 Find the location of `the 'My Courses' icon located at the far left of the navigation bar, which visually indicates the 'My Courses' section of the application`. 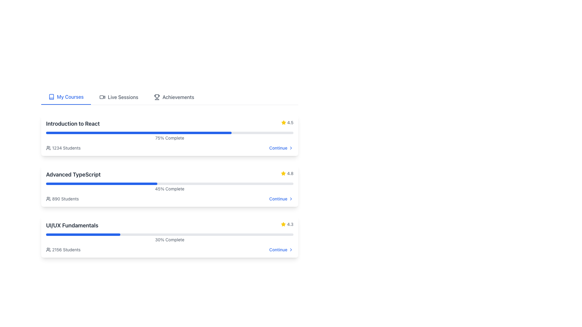

the 'My Courses' icon located at the far left of the navigation bar, which visually indicates the 'My Courses' section of the application is located at coordinates (51, 97).